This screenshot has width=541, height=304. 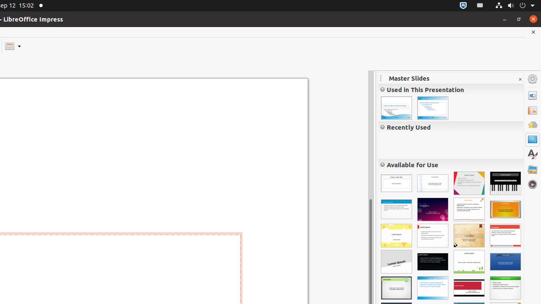 What do you see at coordinates (532, 184) in the screenshot?
I see `'Navigator'` at bounding box center [532, 184].